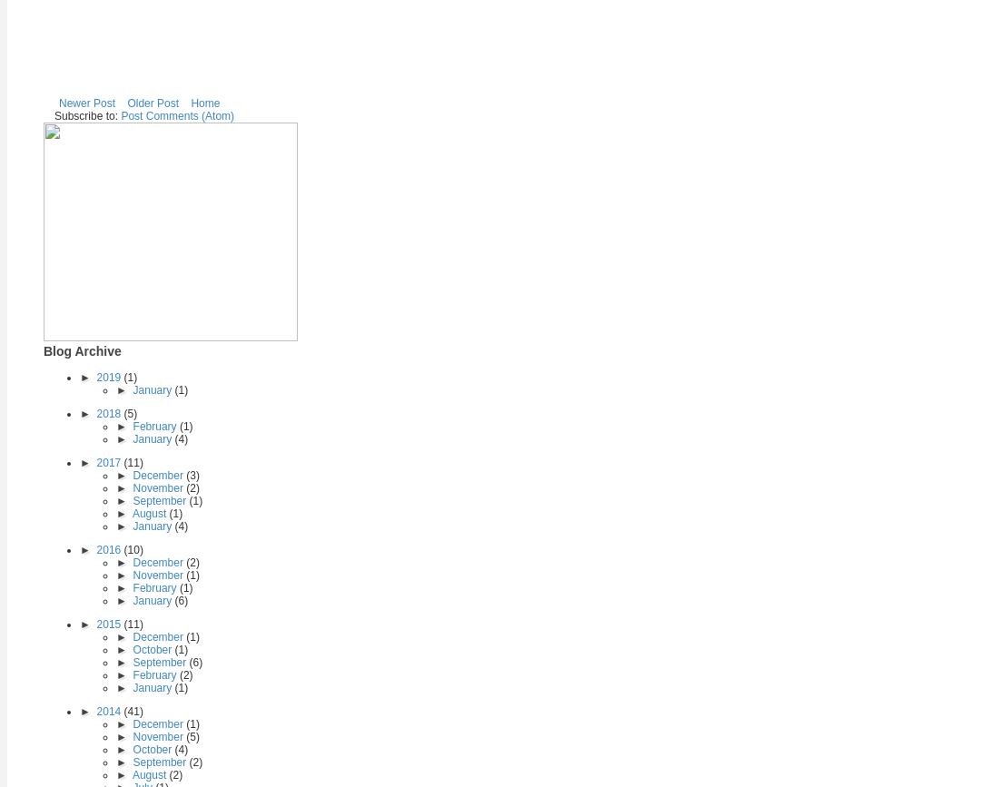  What do you see at coordinates (109, 412) in the screenshot?
I see `'2018'` at bounding box center [109, 412].